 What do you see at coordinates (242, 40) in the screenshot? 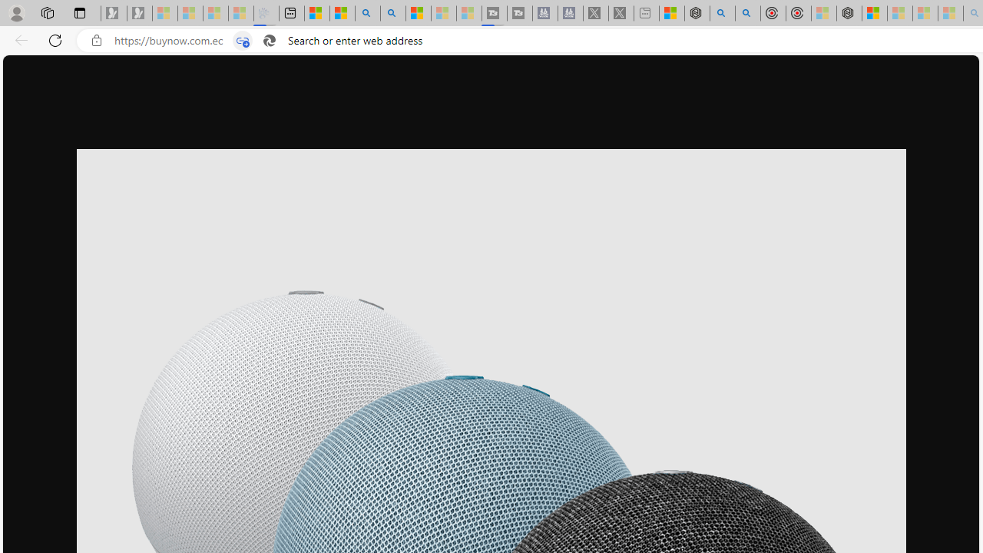
I see `'Tabs in split screen'` at bounding box center [242, 40].